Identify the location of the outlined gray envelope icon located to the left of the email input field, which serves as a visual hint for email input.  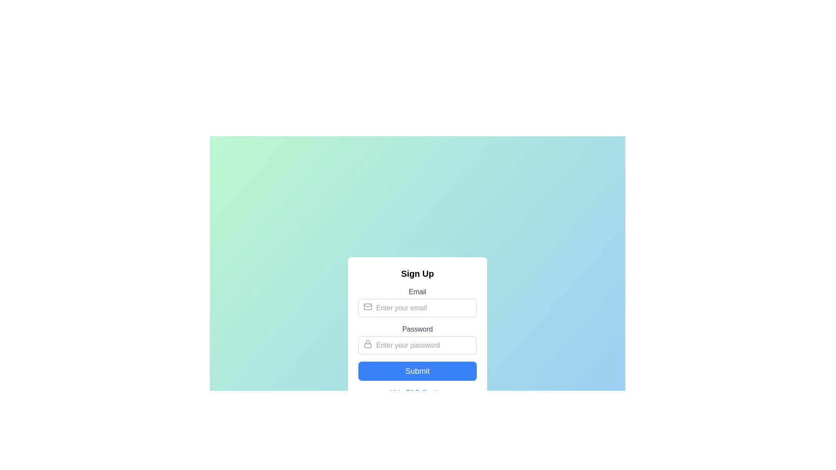
(367, 306).